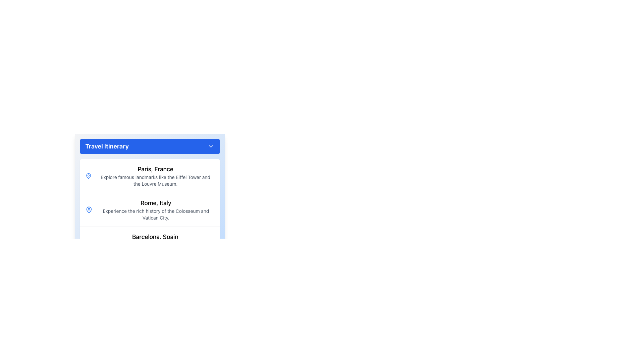 This screenshot has width=644, height=362. I want to click on descriptive information provided by the Text Label about key places of interest in Paris, France, located under the 'Travel Itinerary' section, so click(155, 180).